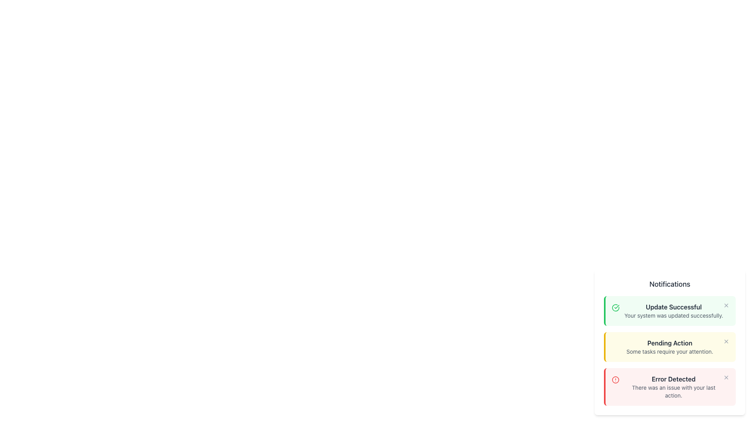 Image resolution: width=753 pixels, height=423 pixels. Describe the element at coordinates (669, 347) in the screenshot. I see `the middle Banner Notification element` at that location.